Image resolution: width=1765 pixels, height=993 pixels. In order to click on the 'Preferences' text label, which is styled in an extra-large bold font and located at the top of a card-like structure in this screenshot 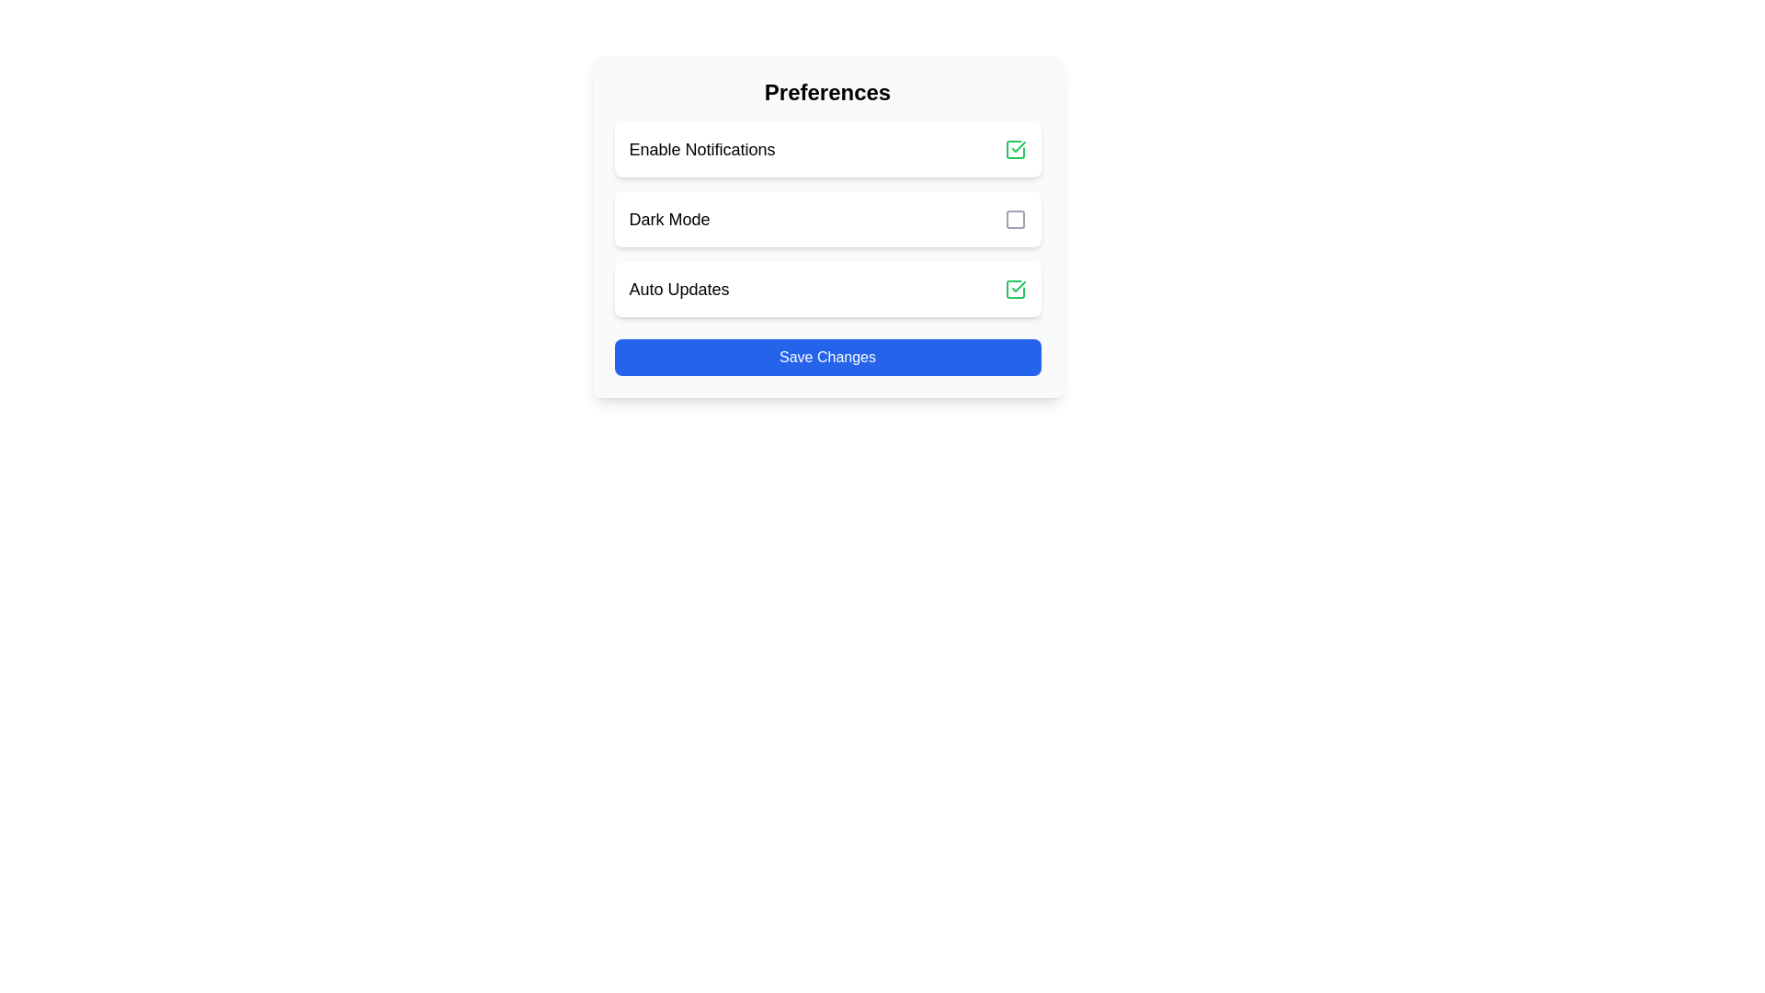, I will do `click(826, 92)`.